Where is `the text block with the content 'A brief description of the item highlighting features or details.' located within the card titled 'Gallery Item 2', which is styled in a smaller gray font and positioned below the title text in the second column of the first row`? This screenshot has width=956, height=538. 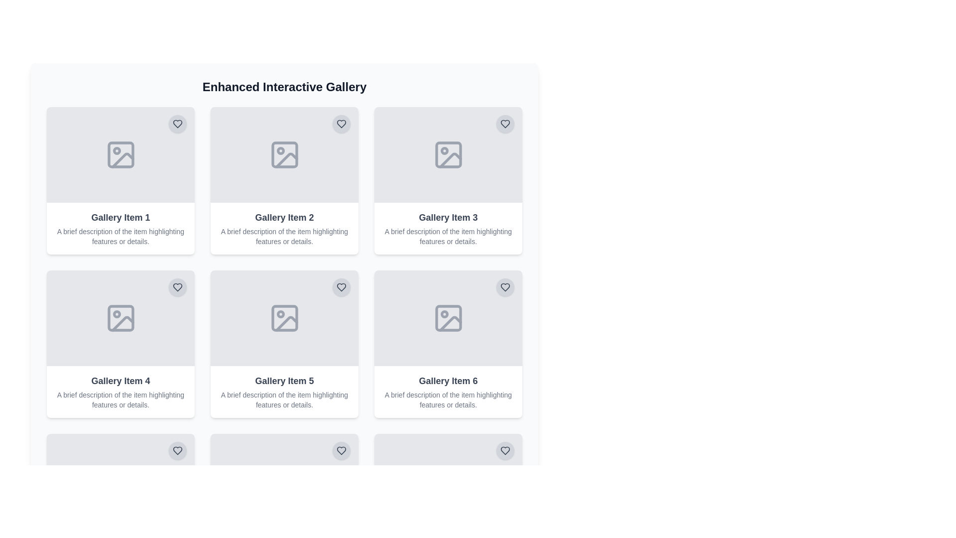 the text block with the content 'A brief description of the item highlighting features or details.' located within the card titled 'Gallery Item 2', which is styled in a smaller gray font and positioned below the title text in the second column of the first row is located at coordinates (284, 236).